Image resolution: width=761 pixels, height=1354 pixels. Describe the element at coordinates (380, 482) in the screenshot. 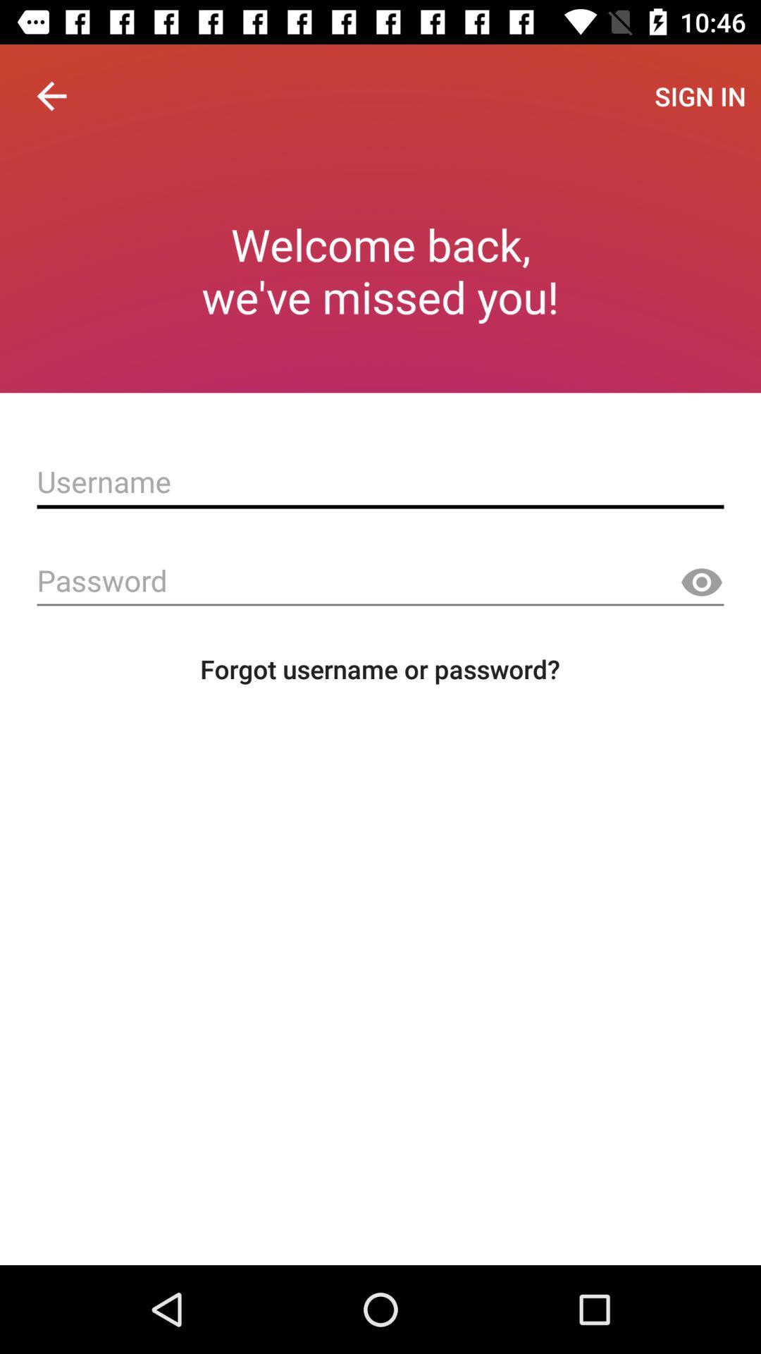

I see `username` at that location.